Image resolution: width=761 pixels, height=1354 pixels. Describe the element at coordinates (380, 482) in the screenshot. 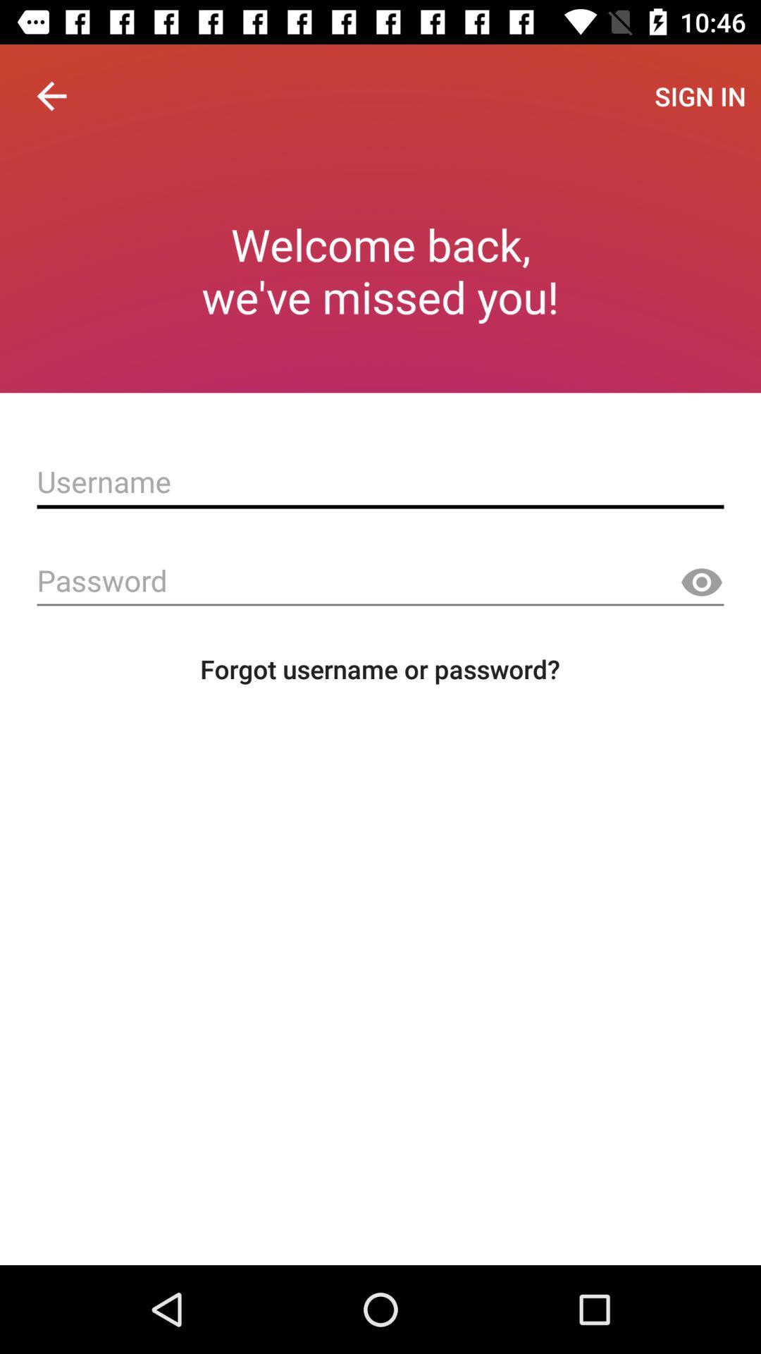

I see `username` at that location.